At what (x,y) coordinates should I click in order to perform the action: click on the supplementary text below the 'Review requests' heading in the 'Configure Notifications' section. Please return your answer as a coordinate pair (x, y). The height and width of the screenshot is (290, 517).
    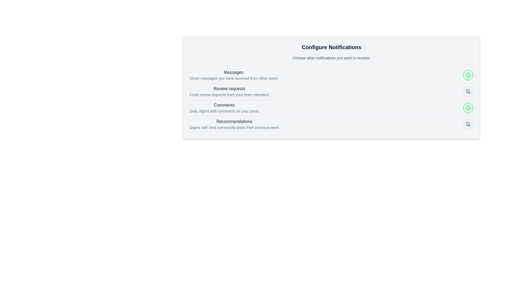
    Looking at the image, I should click on (229, 95).